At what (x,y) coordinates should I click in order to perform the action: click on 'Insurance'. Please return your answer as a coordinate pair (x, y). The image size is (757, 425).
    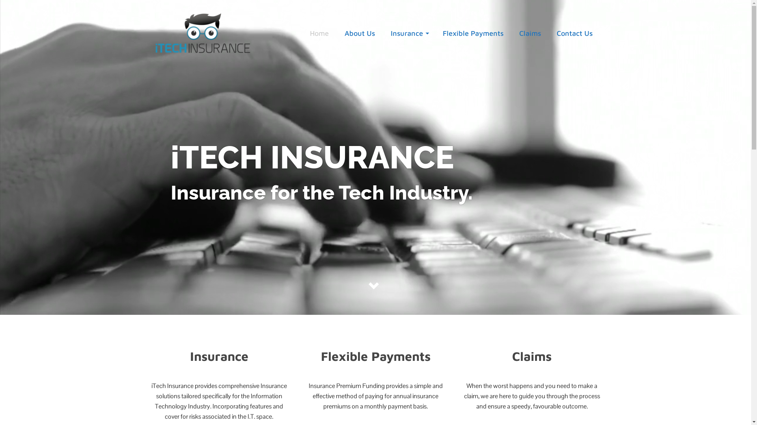
    Looking at the image, I should click on (408, 33).